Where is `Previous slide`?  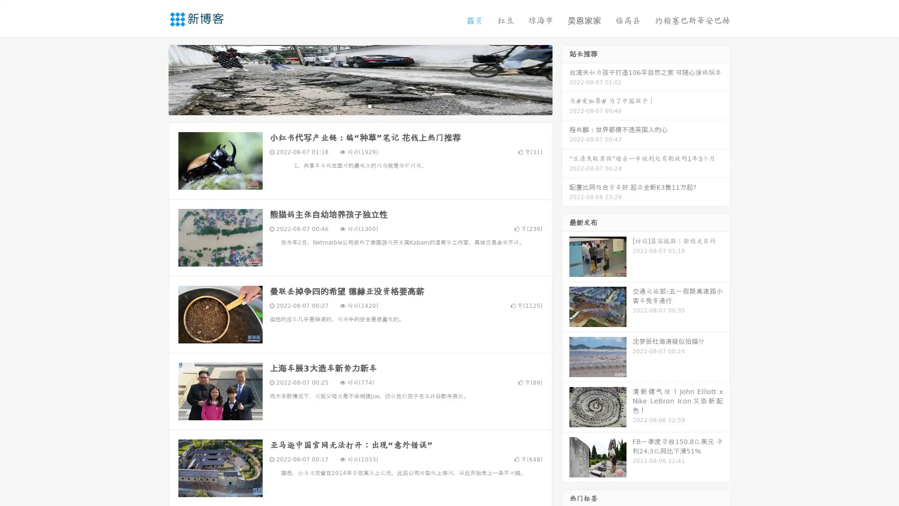 Previous slide is located at coordinates (155, 79).